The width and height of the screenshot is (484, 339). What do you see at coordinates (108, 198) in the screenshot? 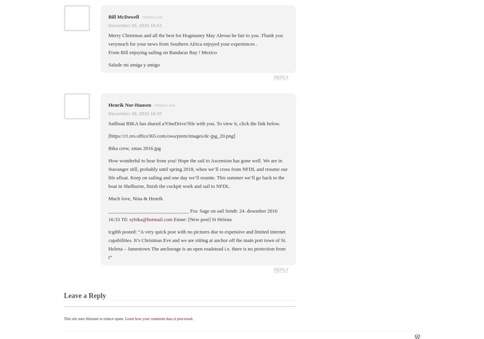
I see `'Much love, Nina & Henrik'` at bounding box center [108, 198].